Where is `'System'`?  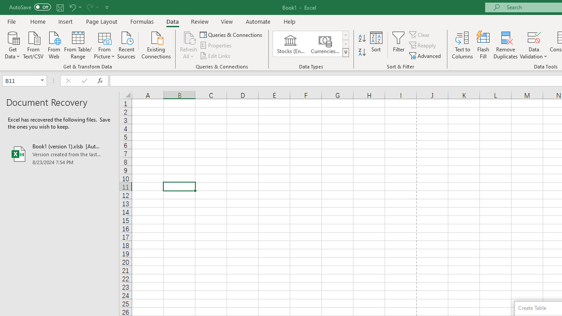
'System' is located at coordinates (4, 5).